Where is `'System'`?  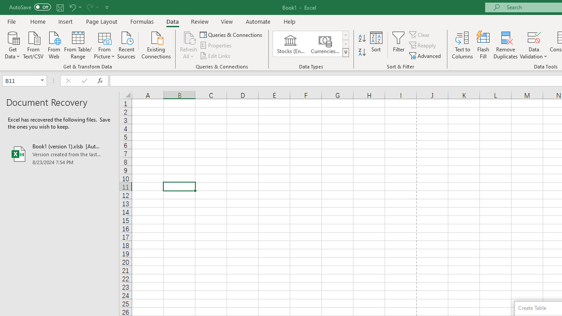
'System' is located at coordinates (4, 5).